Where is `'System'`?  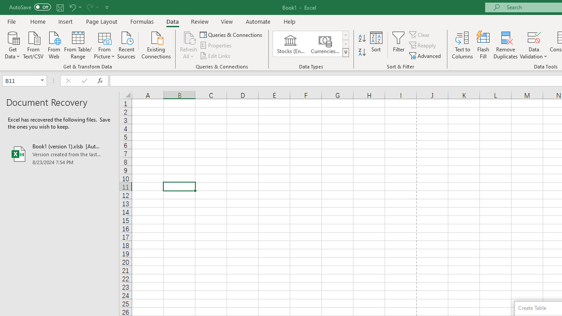
'System' is located at coordinates (4, 5).